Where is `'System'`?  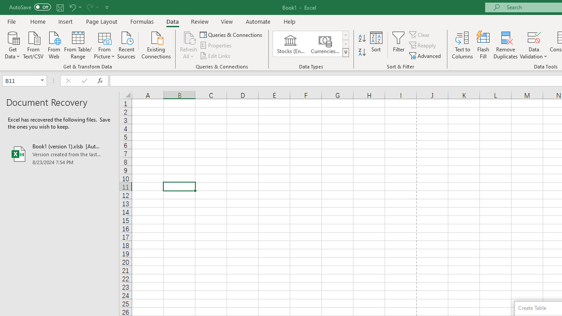
'System' is located at coordinates (4, 5).